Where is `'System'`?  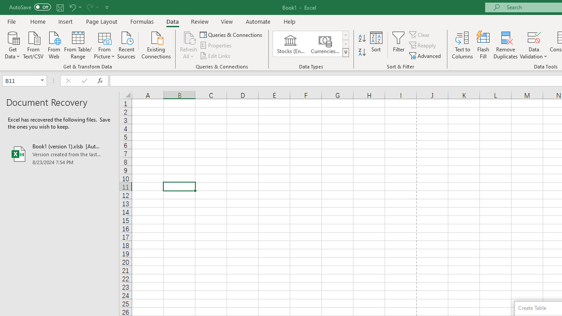
'System' is located at coordinates (4, 5).